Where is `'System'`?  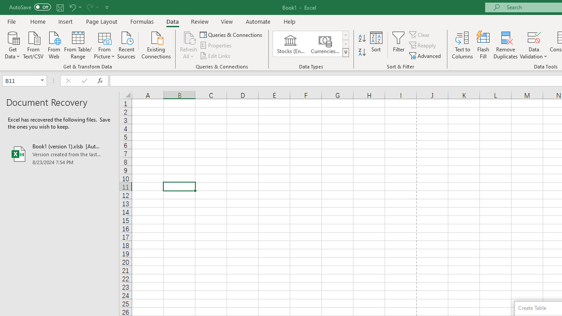
'System' is located at coordinates (4, 5).